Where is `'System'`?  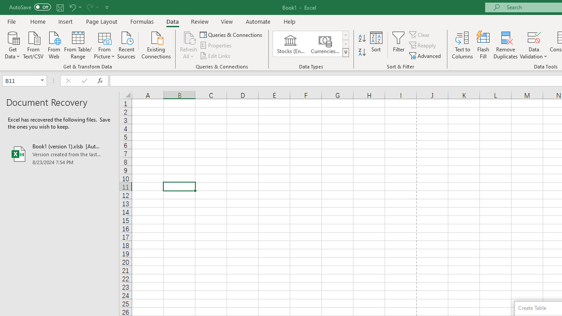
'System' is located at coordinates (4, 5).